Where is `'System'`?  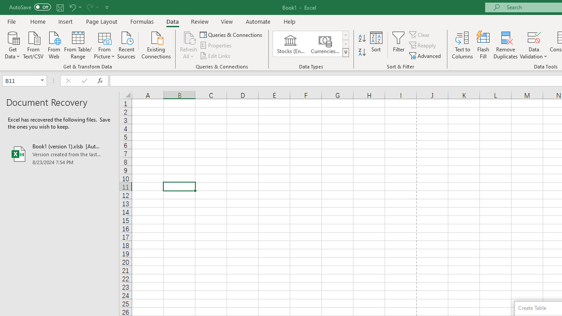
'System' is located at coordinates (4, 5).